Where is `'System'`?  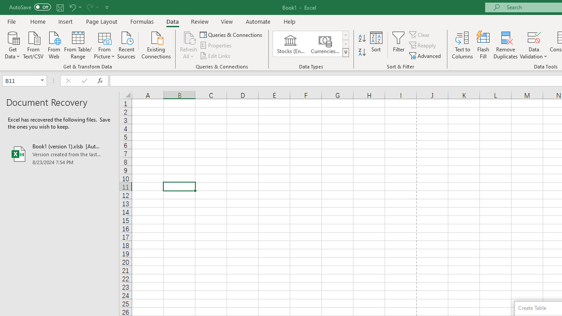
'System' is located at coordinates (4, 5).